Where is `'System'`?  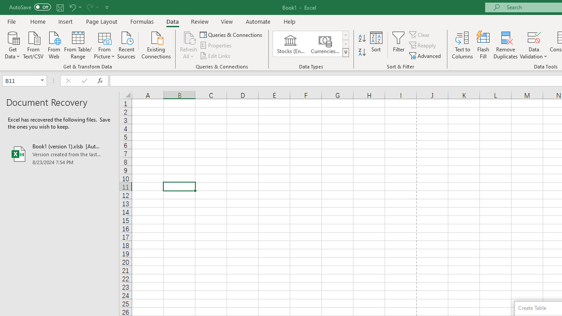
'System' is located at coordinates (4, 5).